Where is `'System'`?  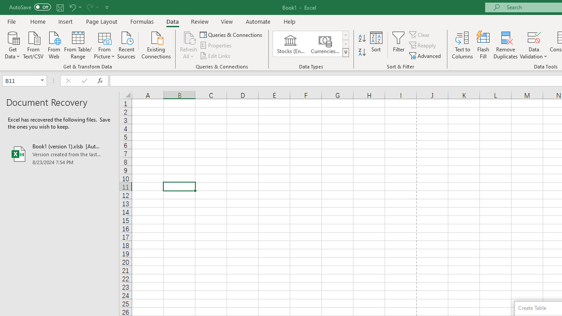
'System' is located at coordinates (4, 5).